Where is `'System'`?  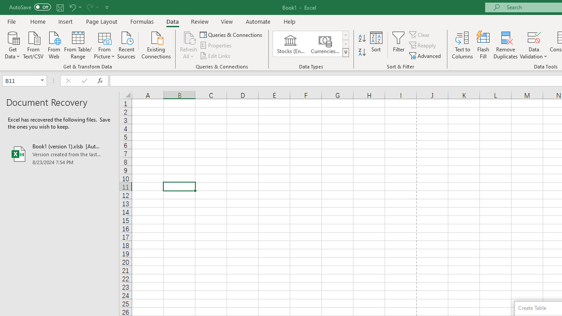
'System' is located at coordinates (4, 5).